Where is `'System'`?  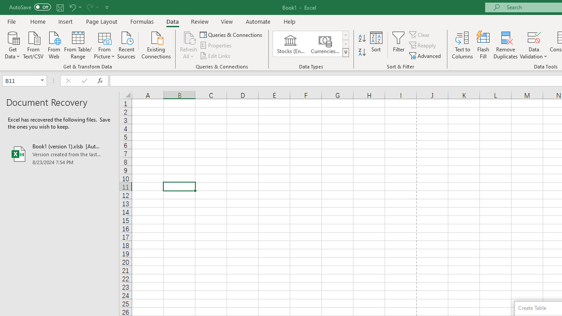
'System' is located at coordinates (4, 5).